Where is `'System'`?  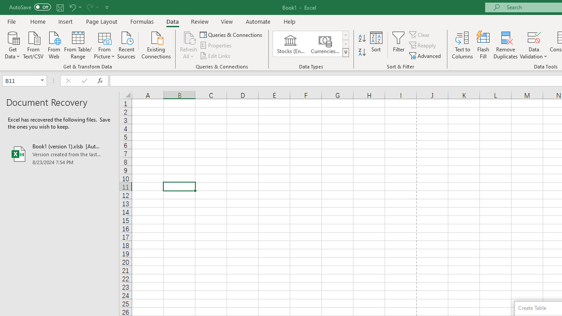
'System' is located at coordinates (4, 5).